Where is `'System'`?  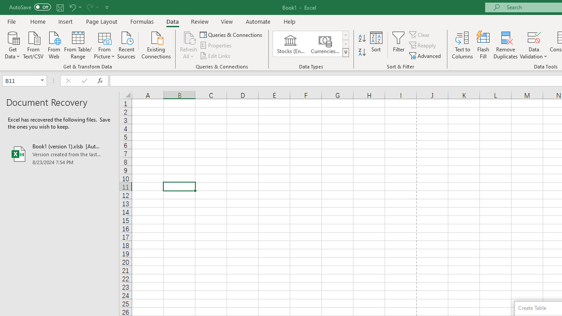
'System' is located at coordinates (4, 5).